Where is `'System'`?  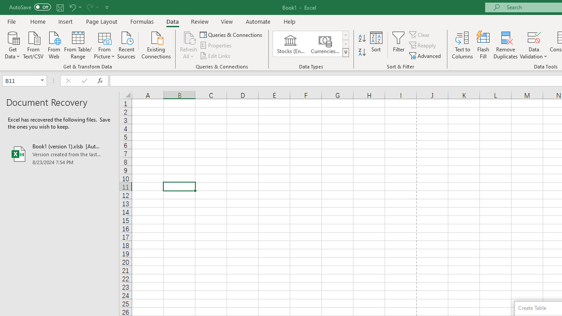
'System' is located at coordinates (4, 5).